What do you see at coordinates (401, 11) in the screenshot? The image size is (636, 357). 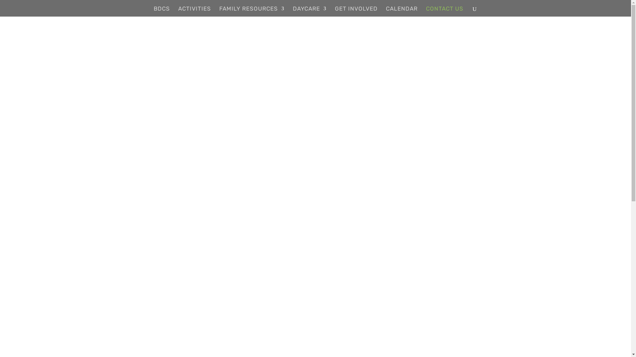 I see `'CALENDAR'` at bounding box center [401, 11].